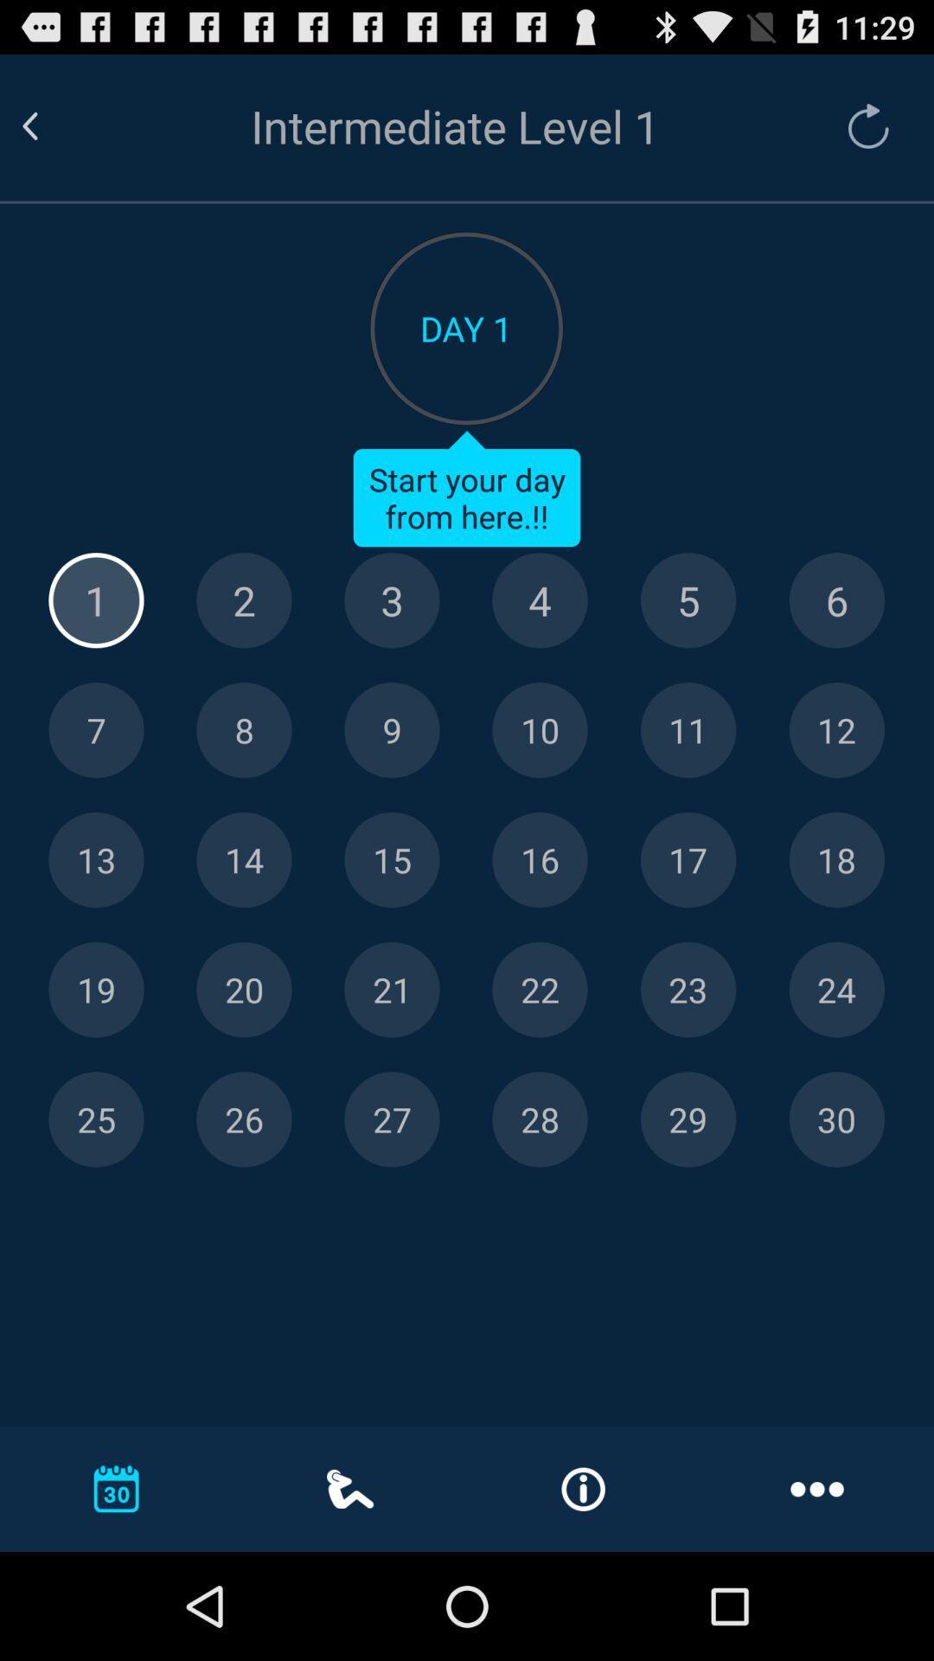 The image size is (934, 1661). Describe the element at coordinates (392, 990) in the screenshot. I see `level 21` at that location.